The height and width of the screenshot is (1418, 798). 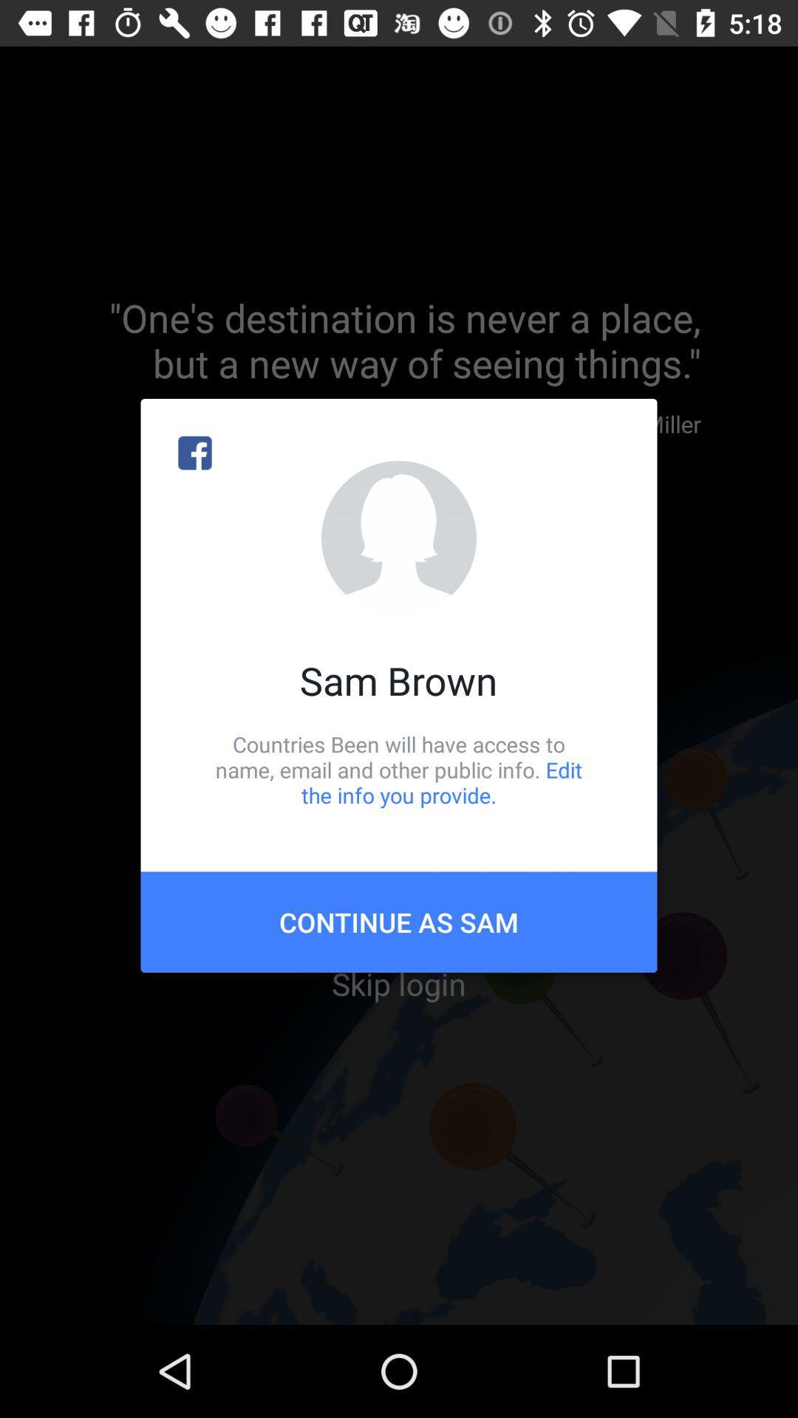 I want to click on the continue as sam item, so click(x=399, y=921).